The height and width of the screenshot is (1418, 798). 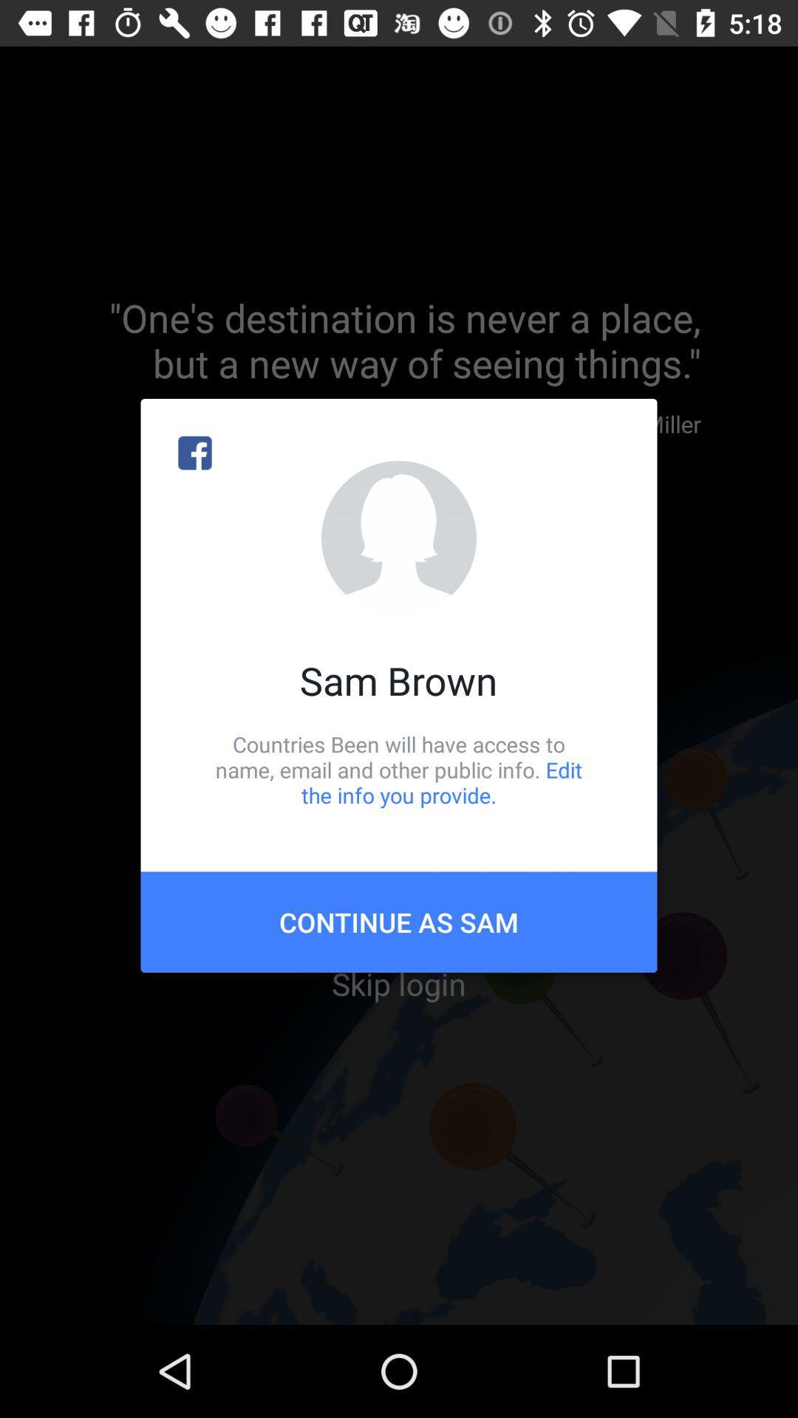 I want to click on the continue as sam item, so click(x=399, y=921).